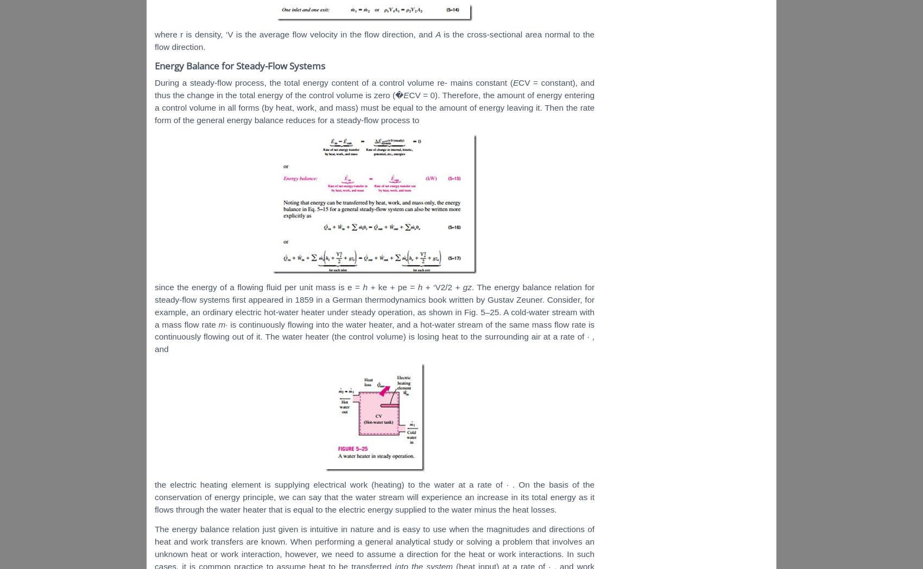 This screenshot has height=569, width=923. Describe the element at coordinates (375, 330) in the screenshot. I see `'the same mass flow rate is continuously flowing out of it. The water heater (the control volume) is losing heat to the surrounding air at a rate of'` at that location.